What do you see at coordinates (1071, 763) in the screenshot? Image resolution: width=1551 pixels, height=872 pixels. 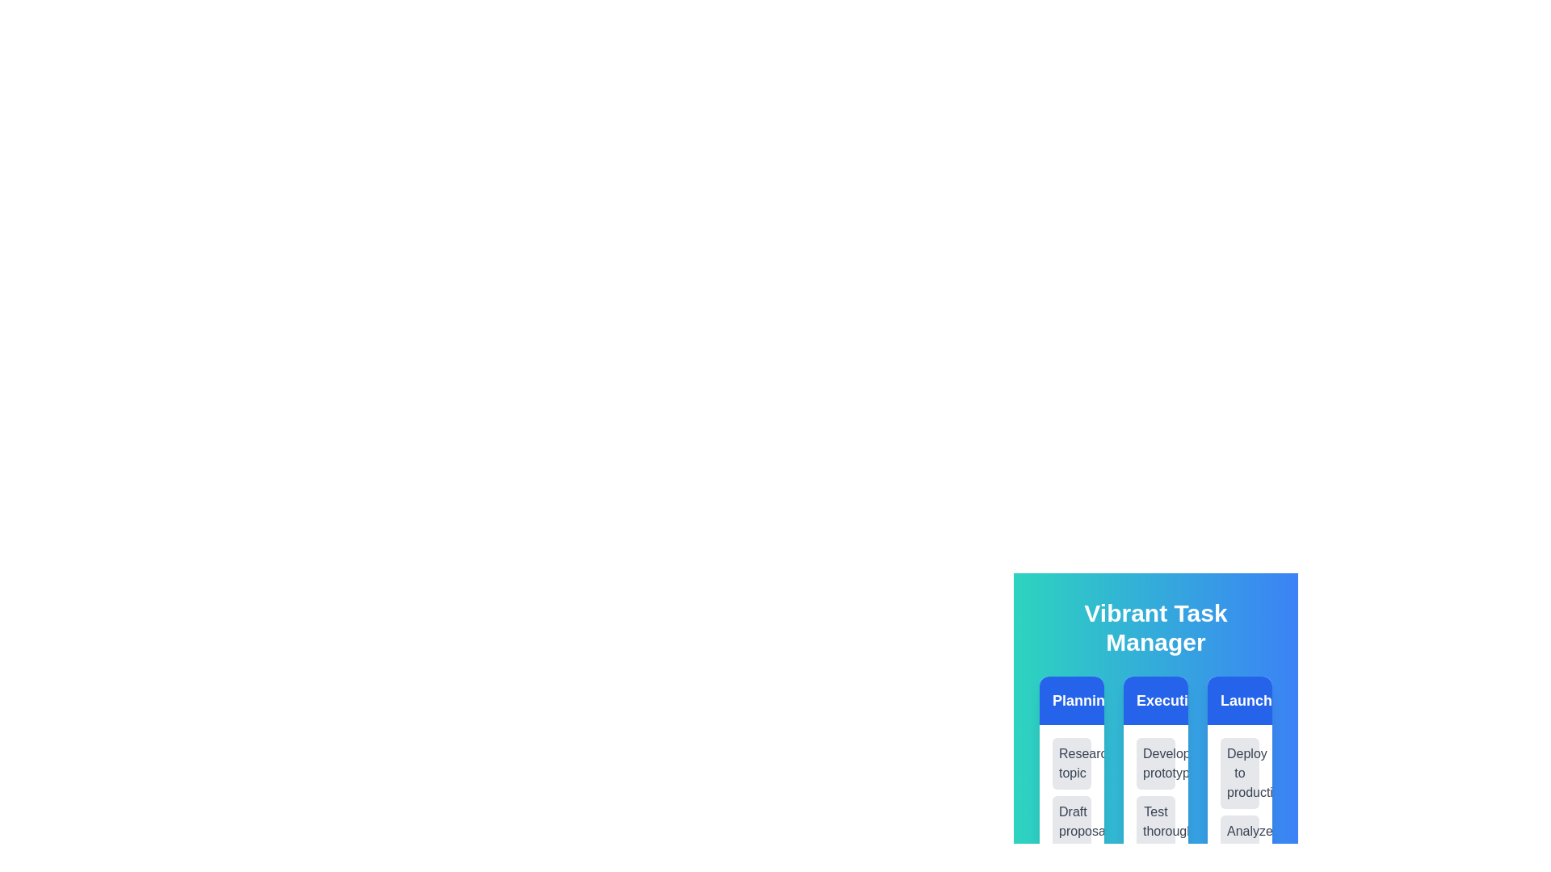 I see `the 'Research topic' label element, which is a rectangular button with rounded corners and a light gray background, containing centrally aligned text` at bounding box center [1071, 763].